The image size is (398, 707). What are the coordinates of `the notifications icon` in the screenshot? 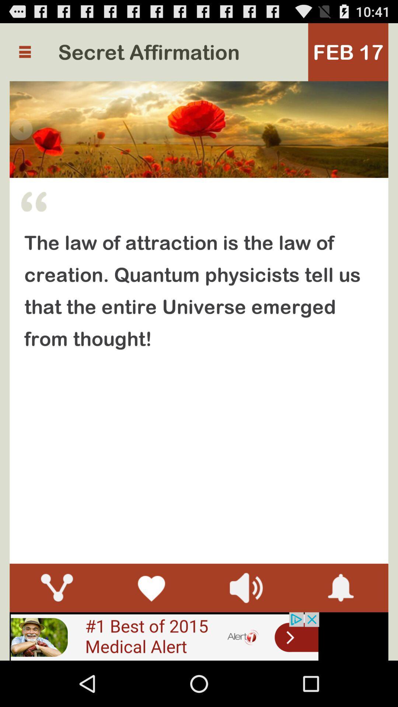 It's located at (341, 629).